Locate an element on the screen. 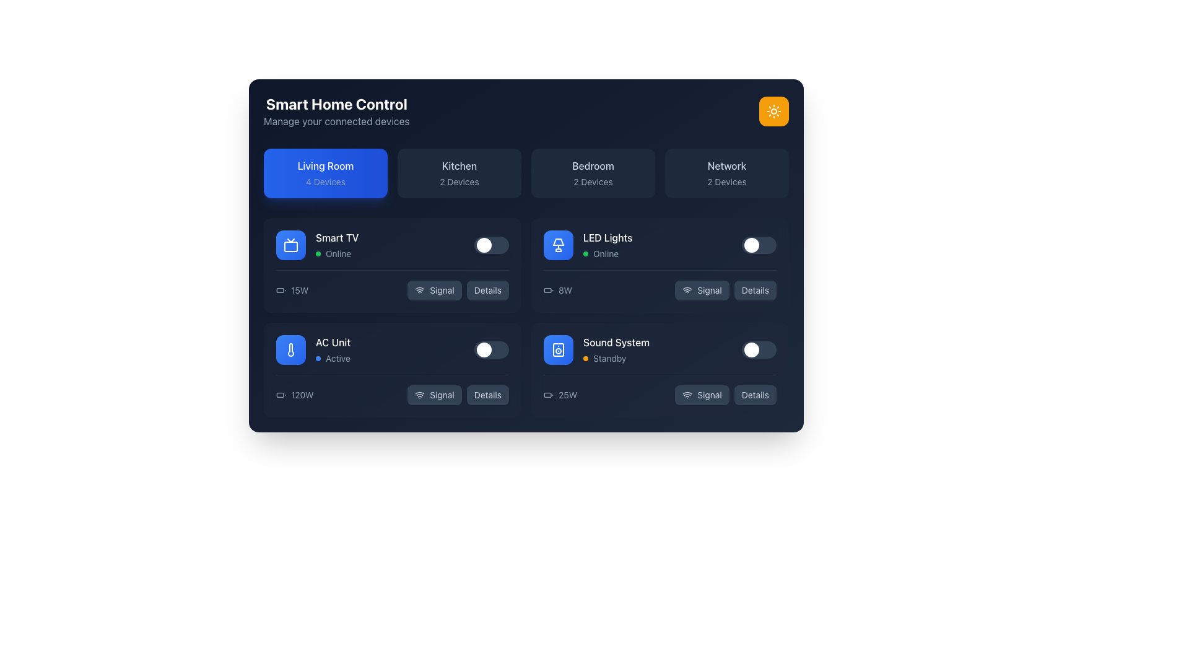  the 'Signal' button located in the bottom-right part of the 'Sound System' card section, directly underneath the 'Standby' status indicator is located at coordinates (659, 388).